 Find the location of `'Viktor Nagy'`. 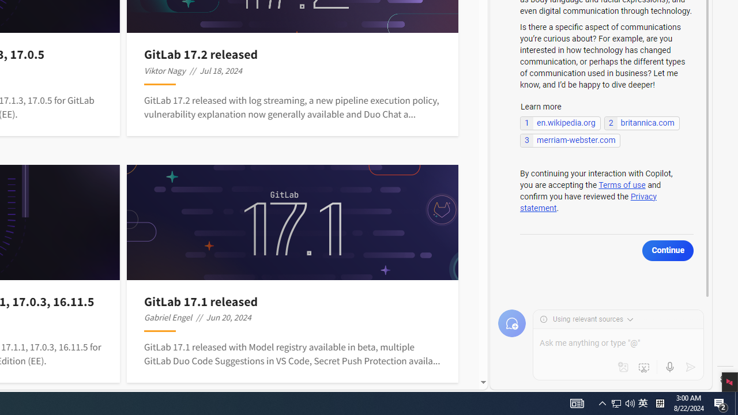

'Viktor Nagy' is located at coordinates (164, 70).